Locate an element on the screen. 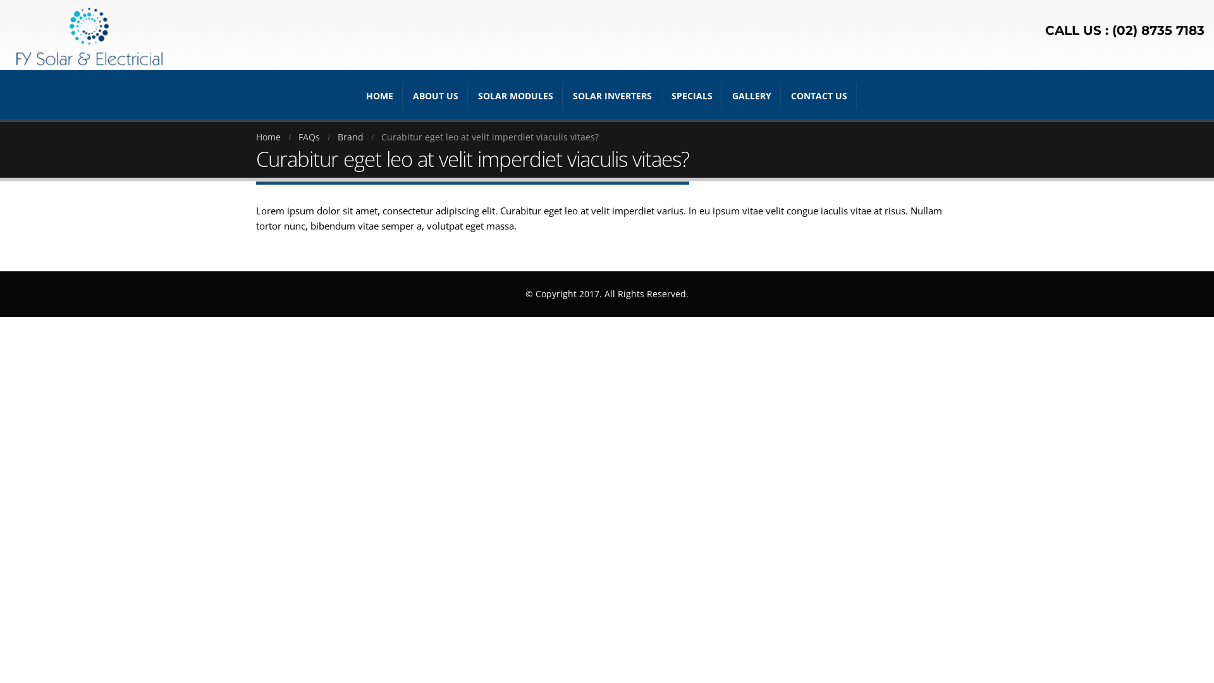  'SOLAR MODULES' is located at coordinates (515, 95).